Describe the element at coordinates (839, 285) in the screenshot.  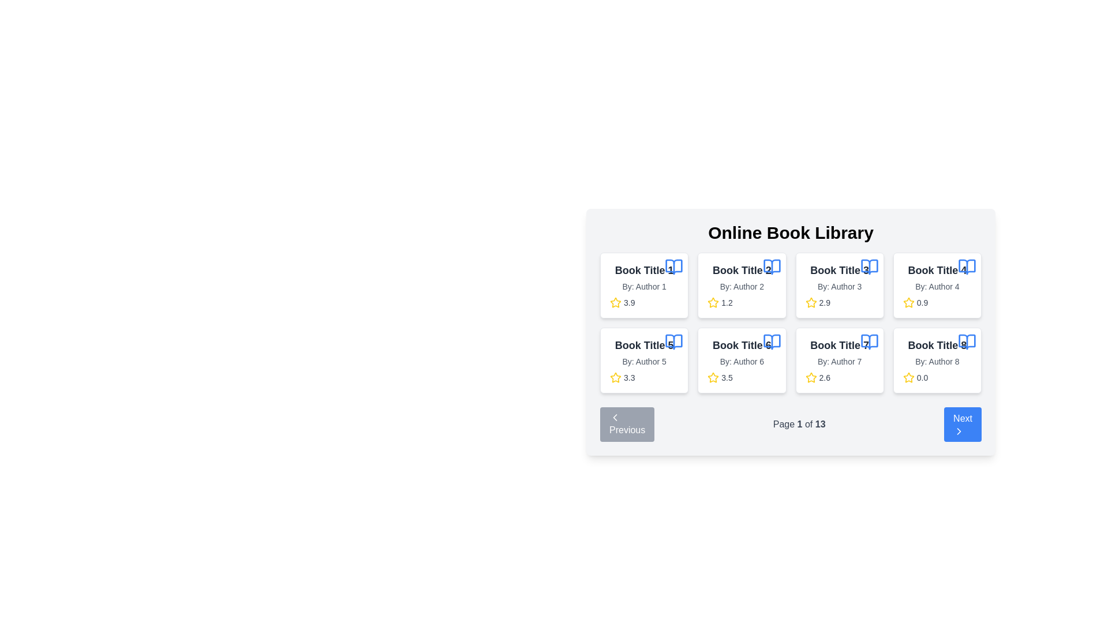
I see `the card representing the third book in the first row of the grid layout under the 'Online Book Library' heading` at that location.